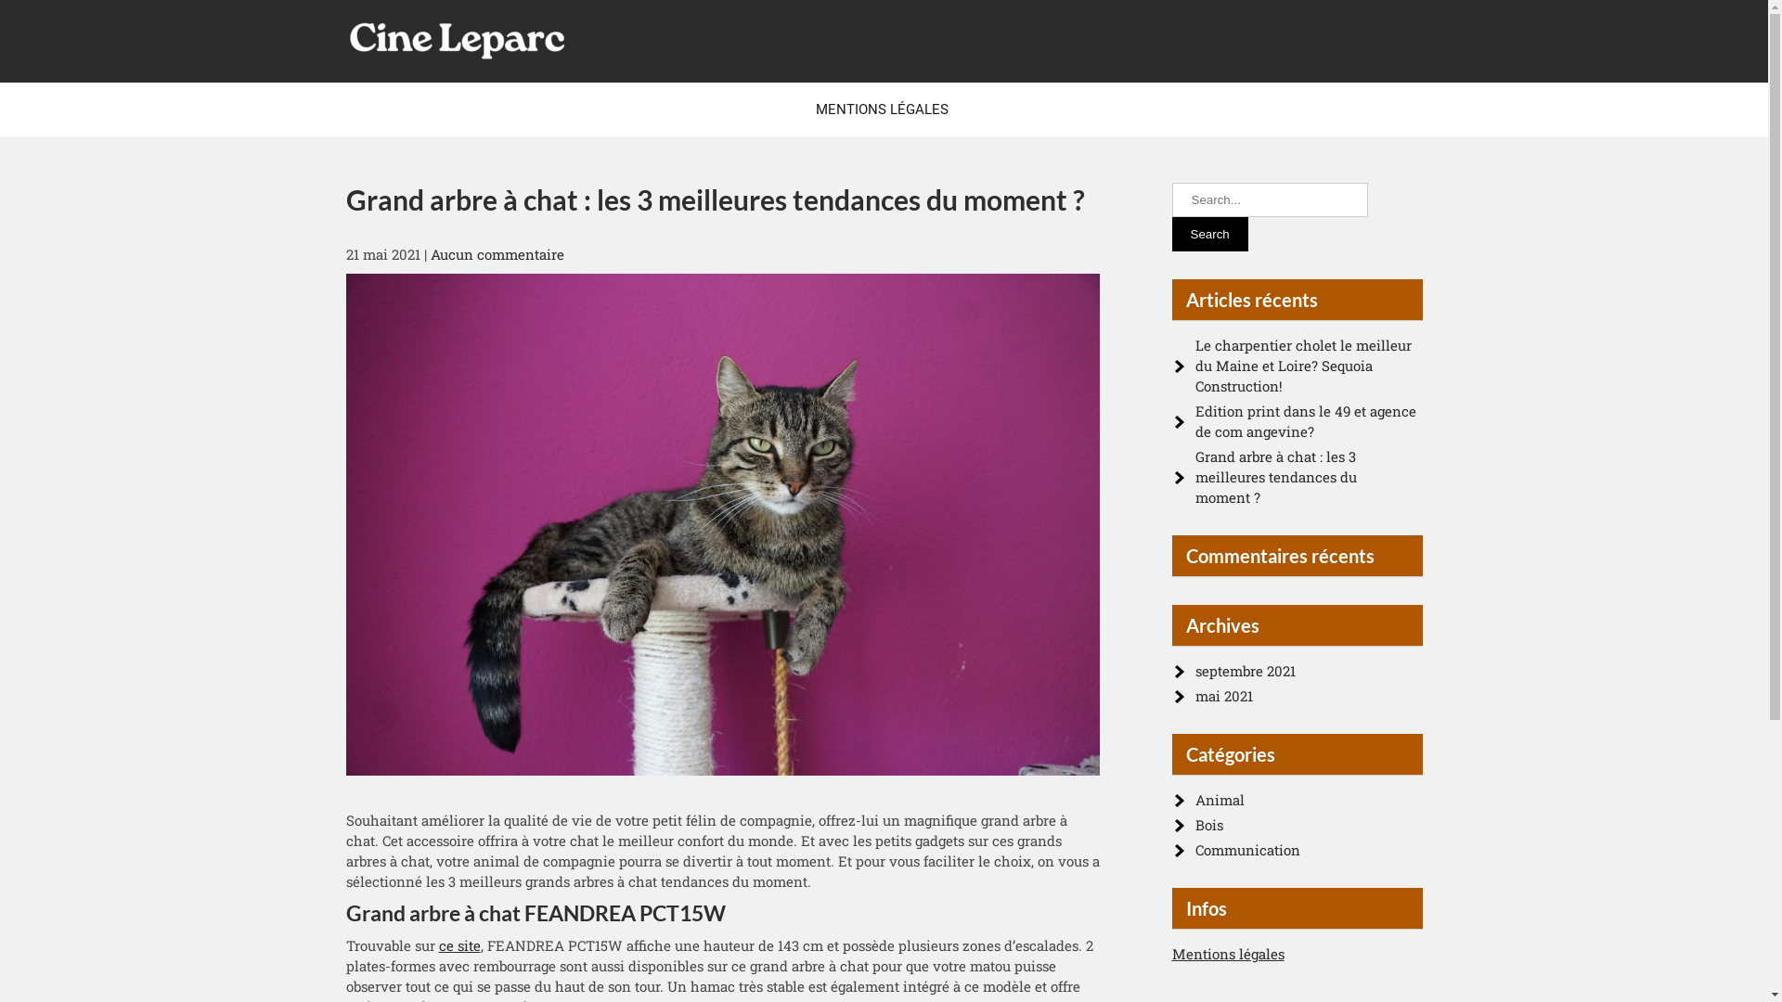  What do you see at coordinates (1170, 233) in the screenshot?
I see `'Search'` at bounding box center [1170, 233].